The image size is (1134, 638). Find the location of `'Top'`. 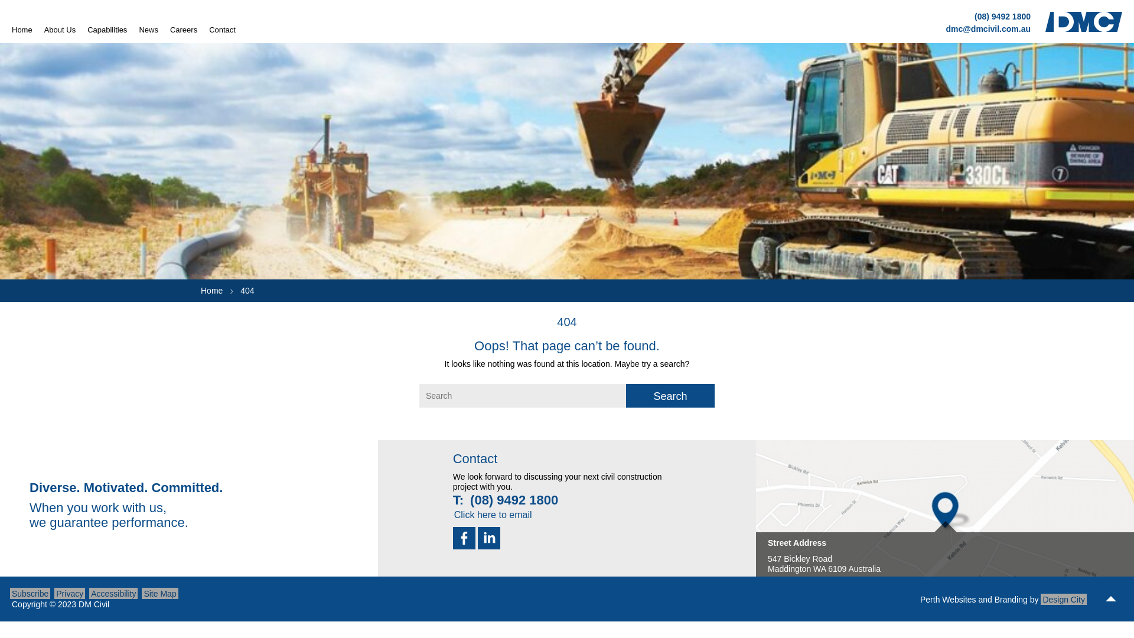

'Top' is located at coordinates (1110, 599).